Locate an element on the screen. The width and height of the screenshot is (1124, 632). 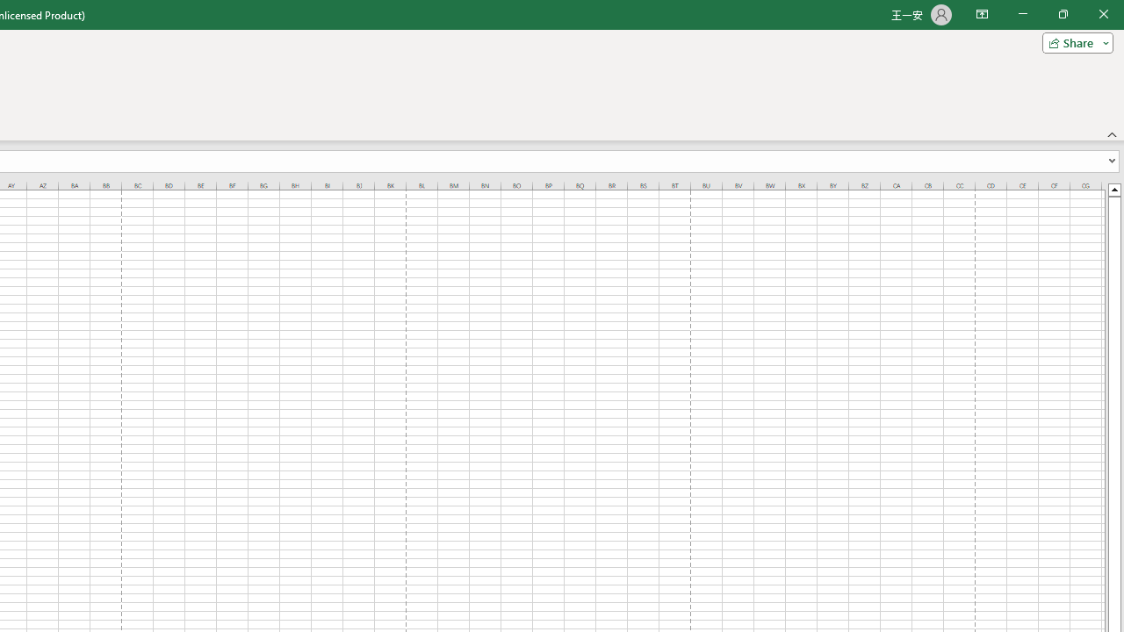
'Restore Down' is located at coordinates (1062, 14).